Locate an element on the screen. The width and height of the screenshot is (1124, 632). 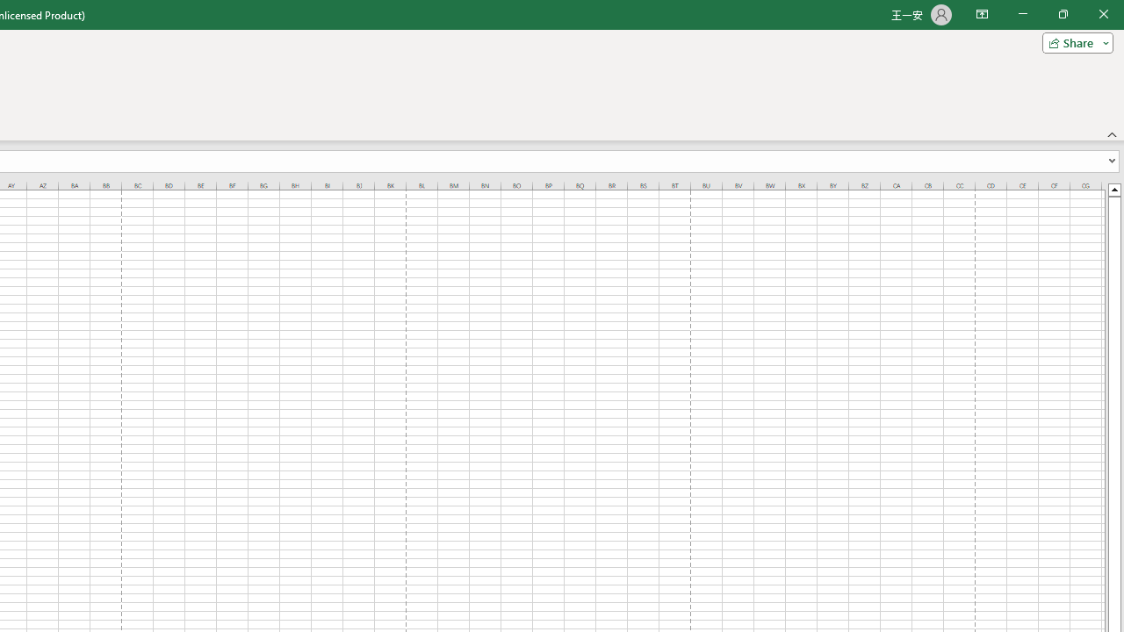
'Restore Down' is located at coordinates (1062, 14).